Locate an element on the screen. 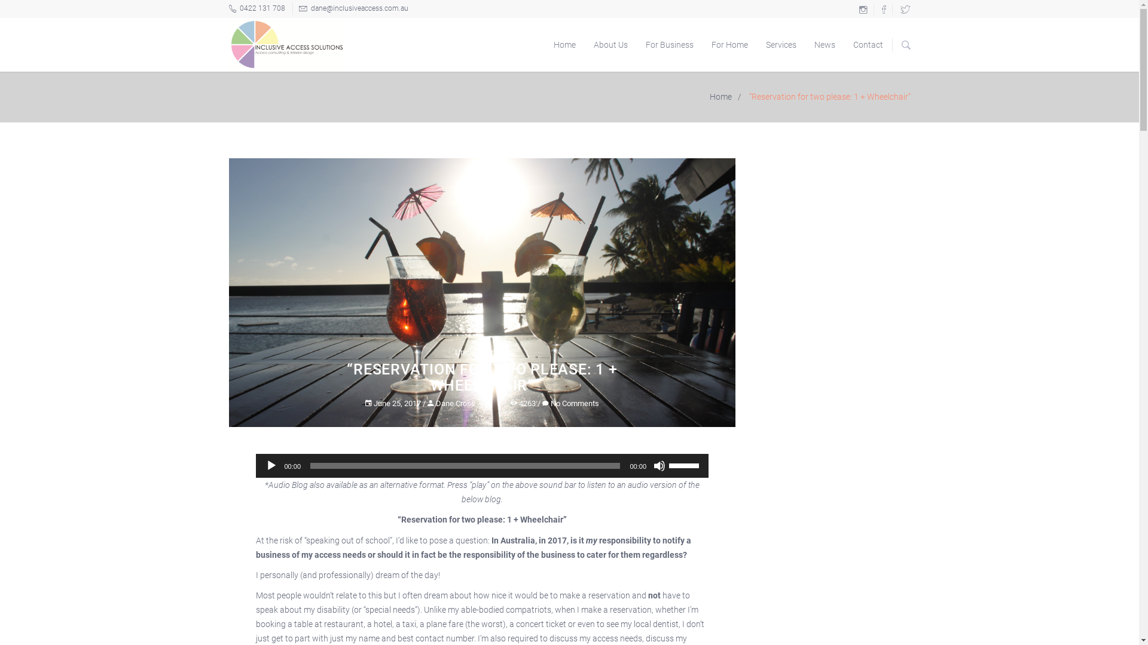  'News' is located at coordinates (823, 44).